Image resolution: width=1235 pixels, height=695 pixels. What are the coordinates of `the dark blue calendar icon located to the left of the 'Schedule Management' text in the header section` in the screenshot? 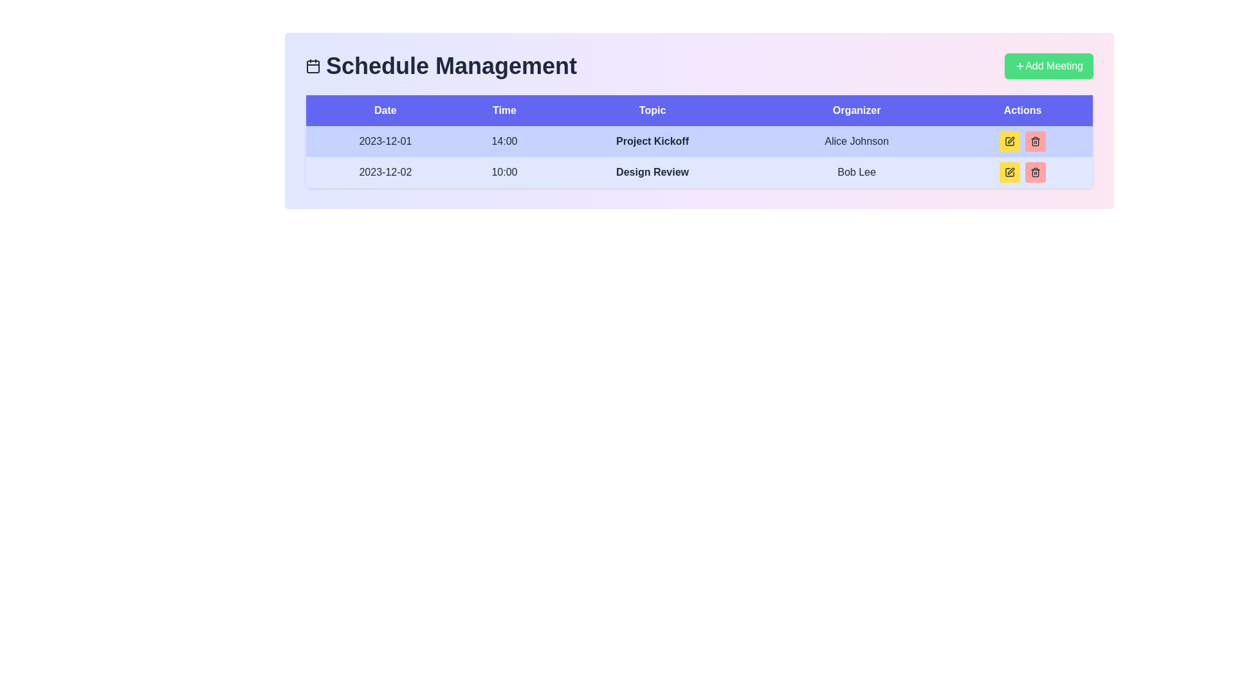 It's located at (313, 66).